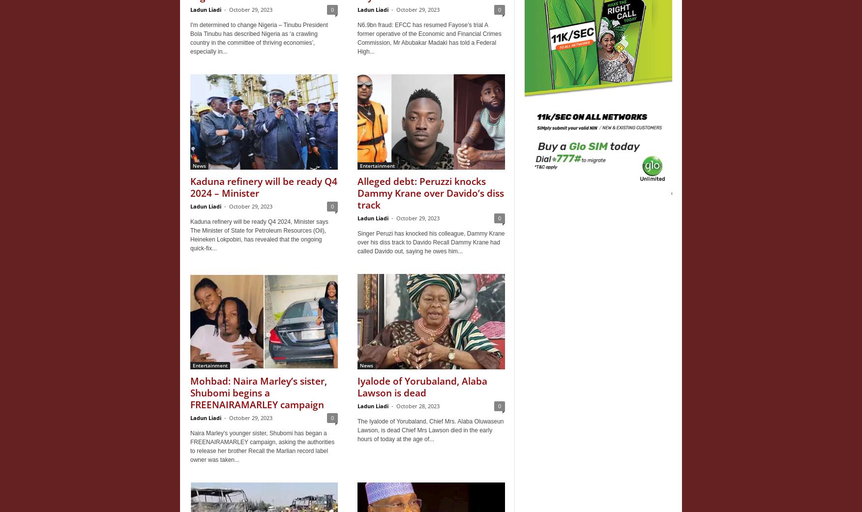 Image resolution: width=862 pixels, height=512 pixels. Describe the element at coordinates (259, 235) in the screenshot. I see `'Kaduna refinery will be ready Q4 2024, Minister says


The Minister of State for Petroleum Resources (Oil), Heineken Lokpobiri, has revealed that the ongoing quick-fix...'` at that location.